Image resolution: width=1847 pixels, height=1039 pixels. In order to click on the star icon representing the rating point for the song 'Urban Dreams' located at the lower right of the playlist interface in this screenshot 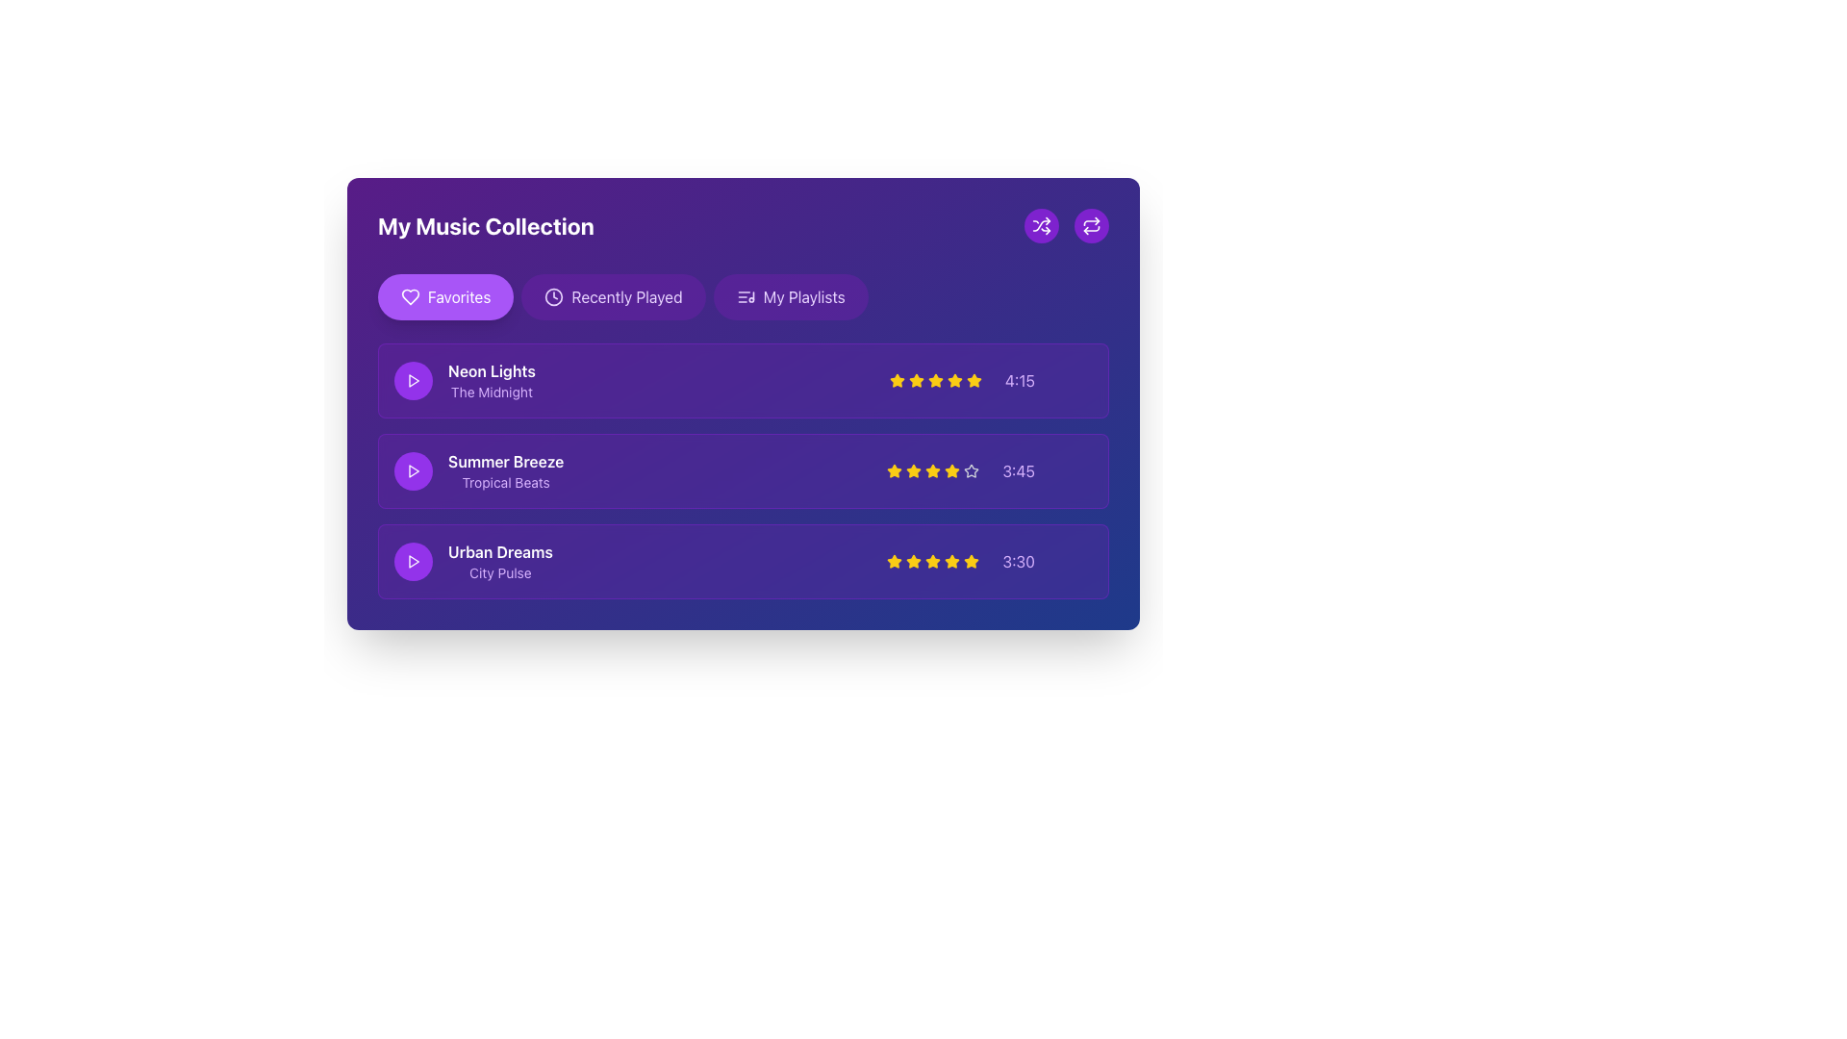, I will do `click(971, 560)`.